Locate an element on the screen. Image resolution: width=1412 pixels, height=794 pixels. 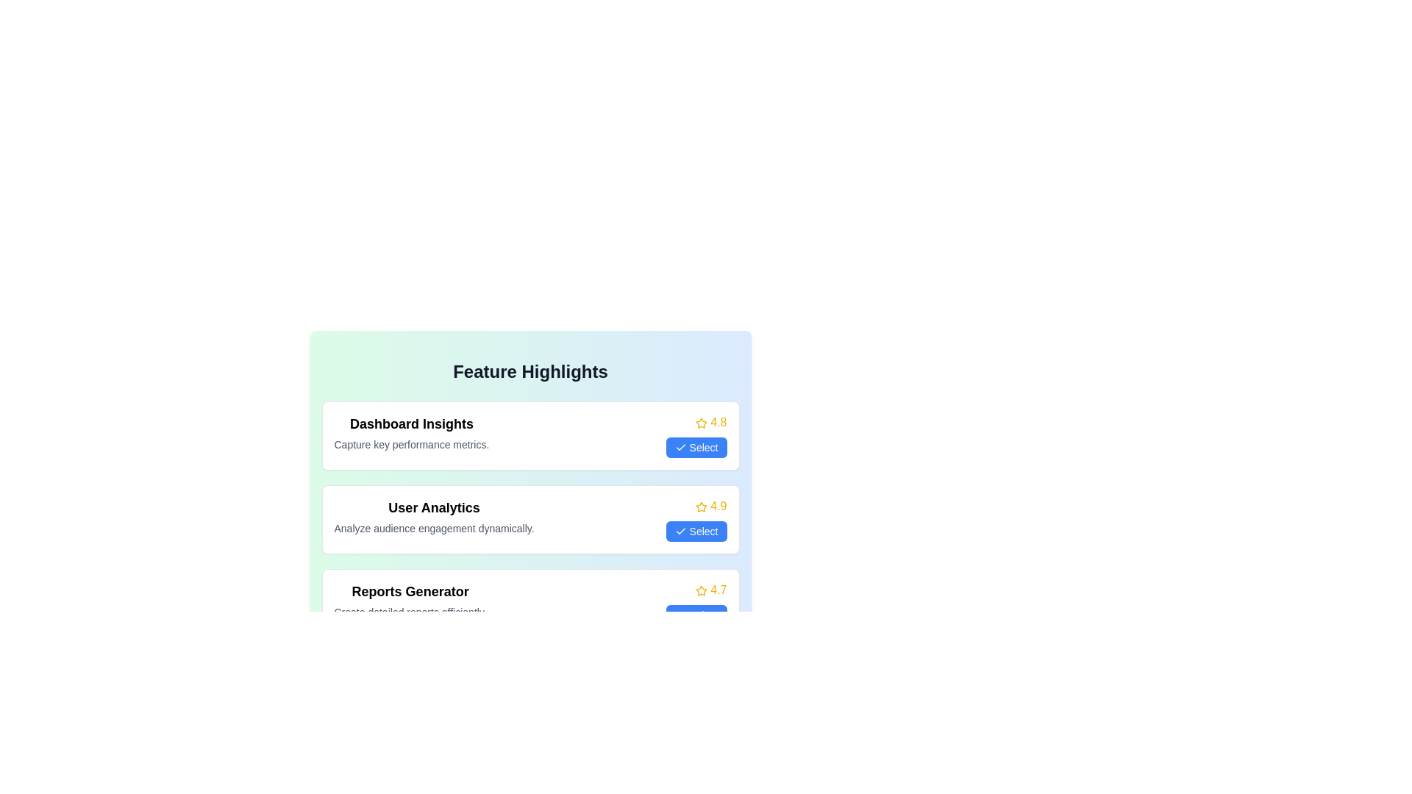
the 'Select' button for the item Dashboard Insights is located at coordinates (695, 447).